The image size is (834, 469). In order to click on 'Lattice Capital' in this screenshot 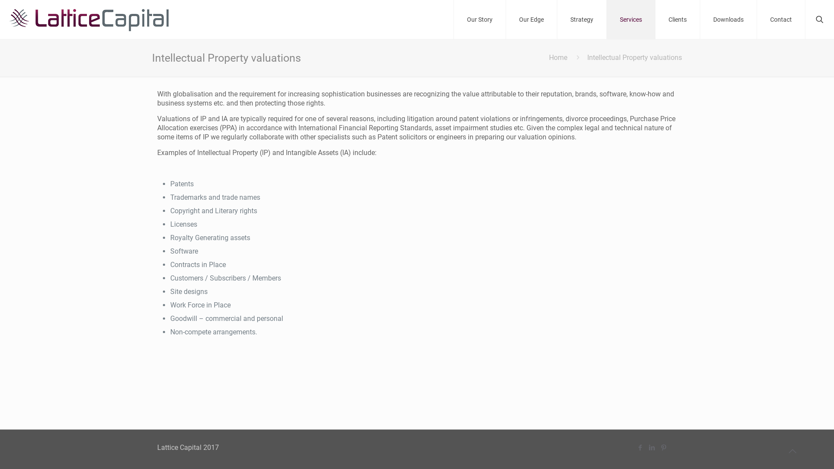, I will do `click(89, 20)`.